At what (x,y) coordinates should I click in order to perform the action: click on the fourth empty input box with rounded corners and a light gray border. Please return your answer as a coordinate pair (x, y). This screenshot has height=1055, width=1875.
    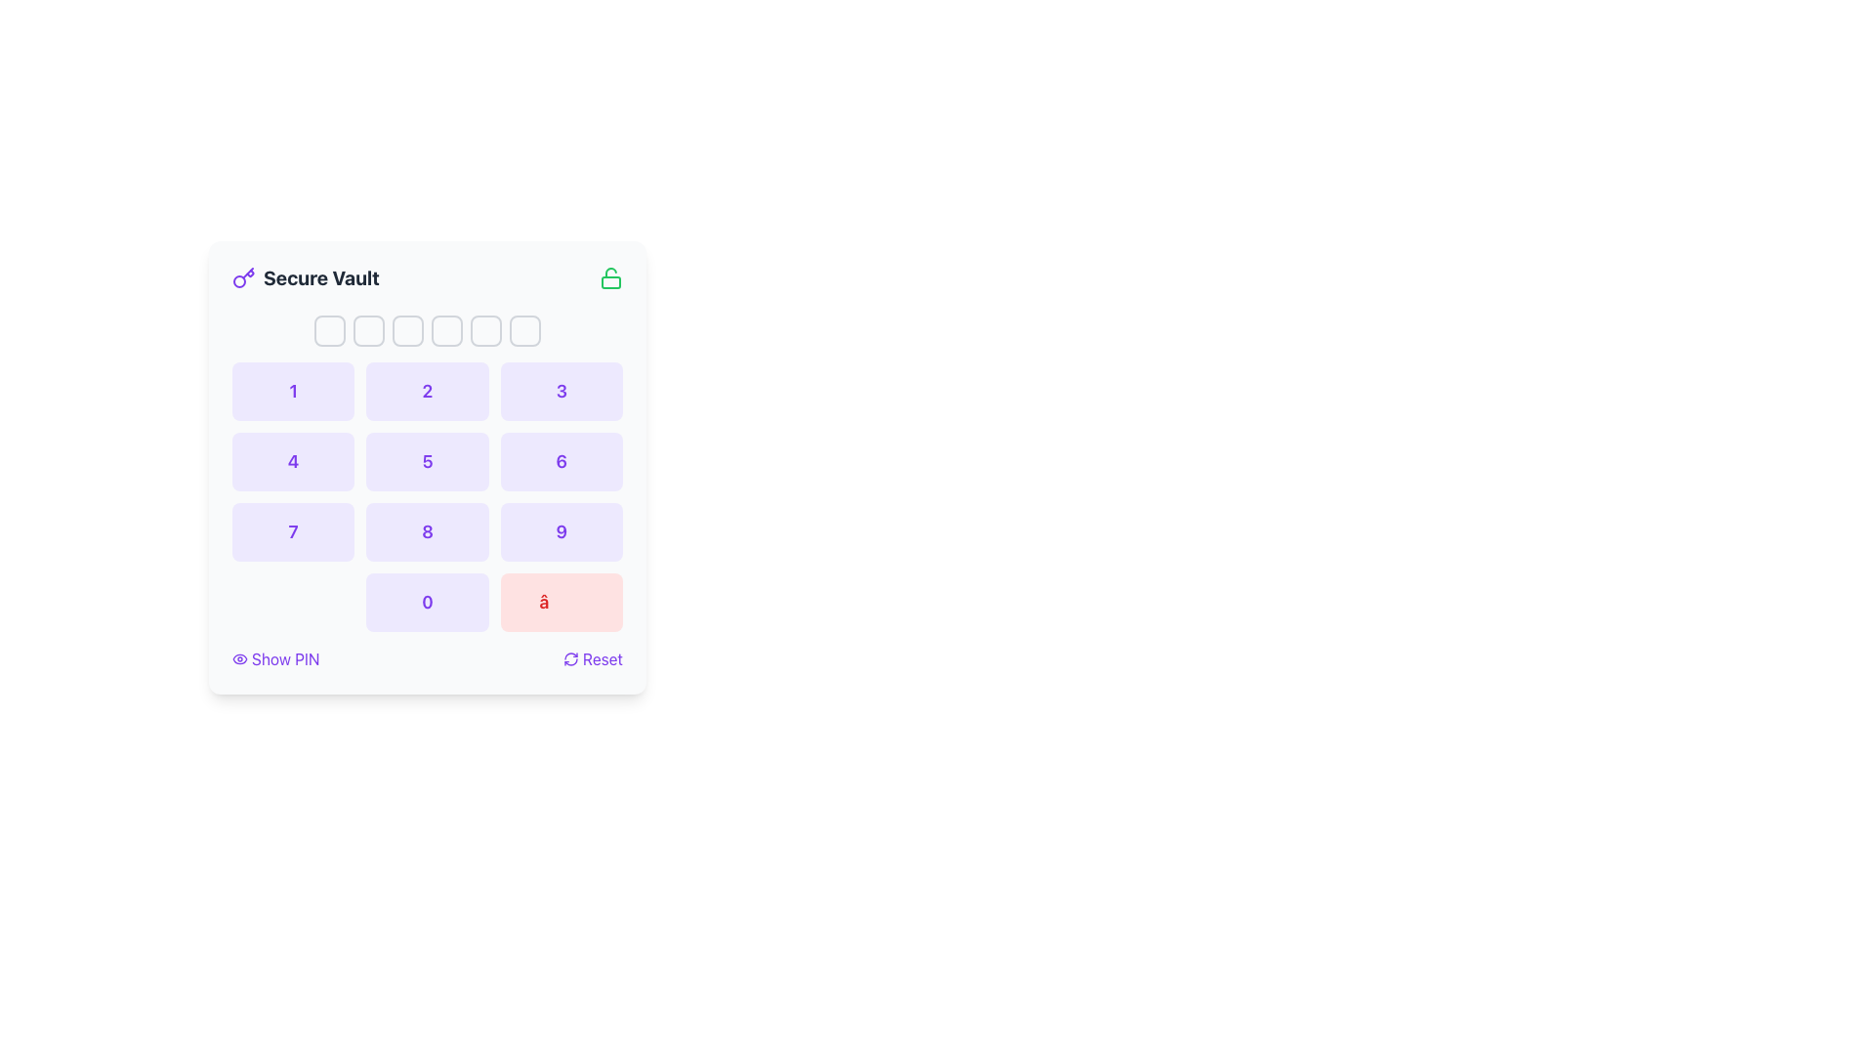
    Looking at the image, I should click on (445, 330).